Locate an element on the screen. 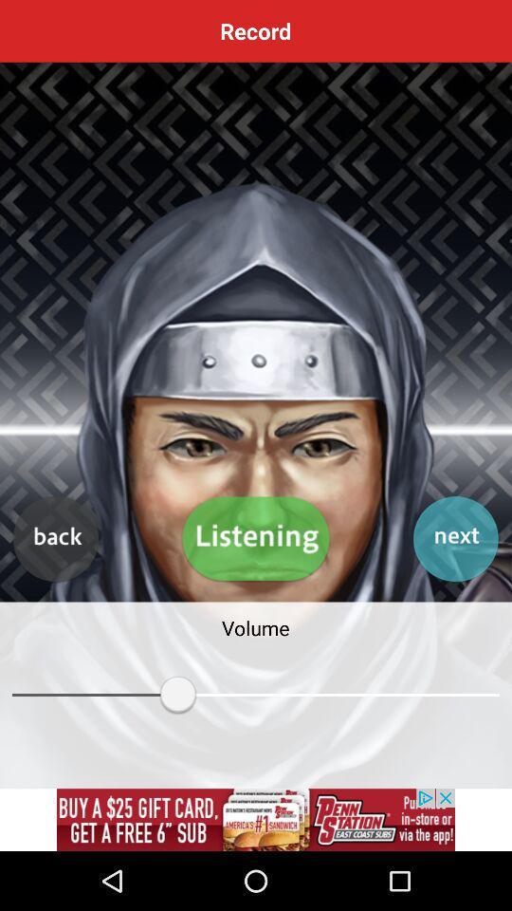 The height and width of the screenshot is (911, 512). listening is located at coordinates (256, 539).